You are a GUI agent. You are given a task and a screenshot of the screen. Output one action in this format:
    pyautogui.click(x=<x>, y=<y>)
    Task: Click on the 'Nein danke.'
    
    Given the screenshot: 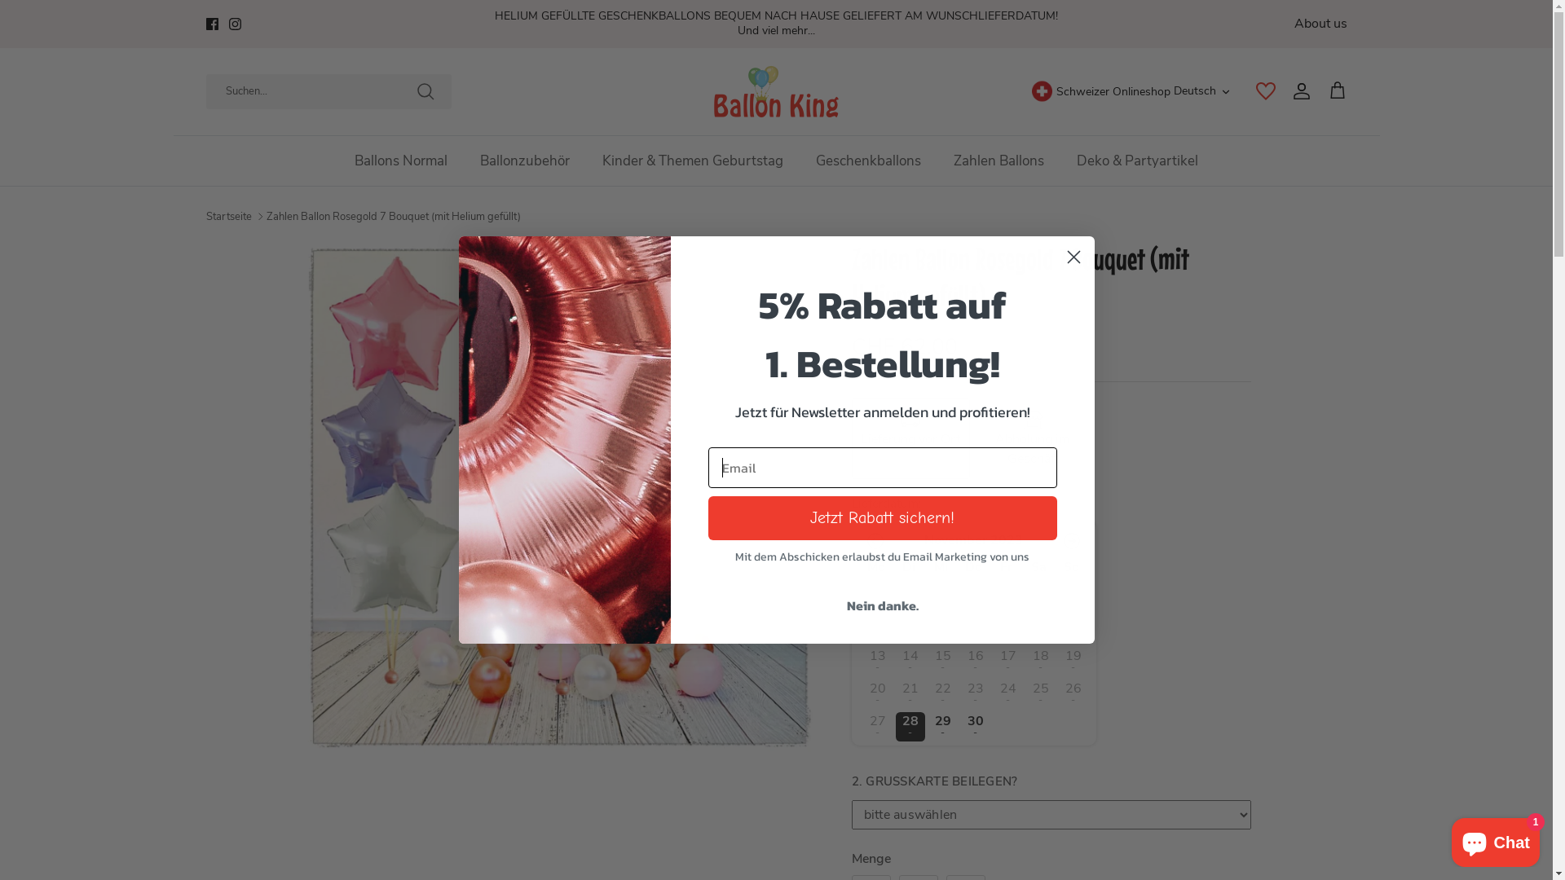 What is the action you would take?
    pyautogui.click(x=880, y=605)
    